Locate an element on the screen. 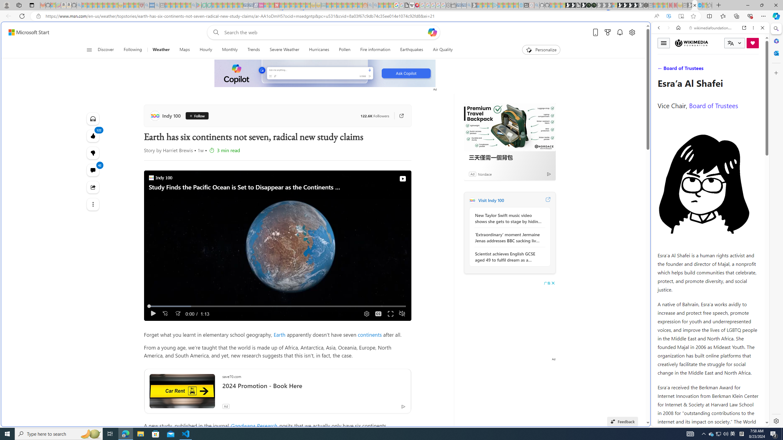 The height and width of the screenshot is (440, 783). 'google_privacy_policy_zh-CN.pdf' is located at coordinates (601, 367).